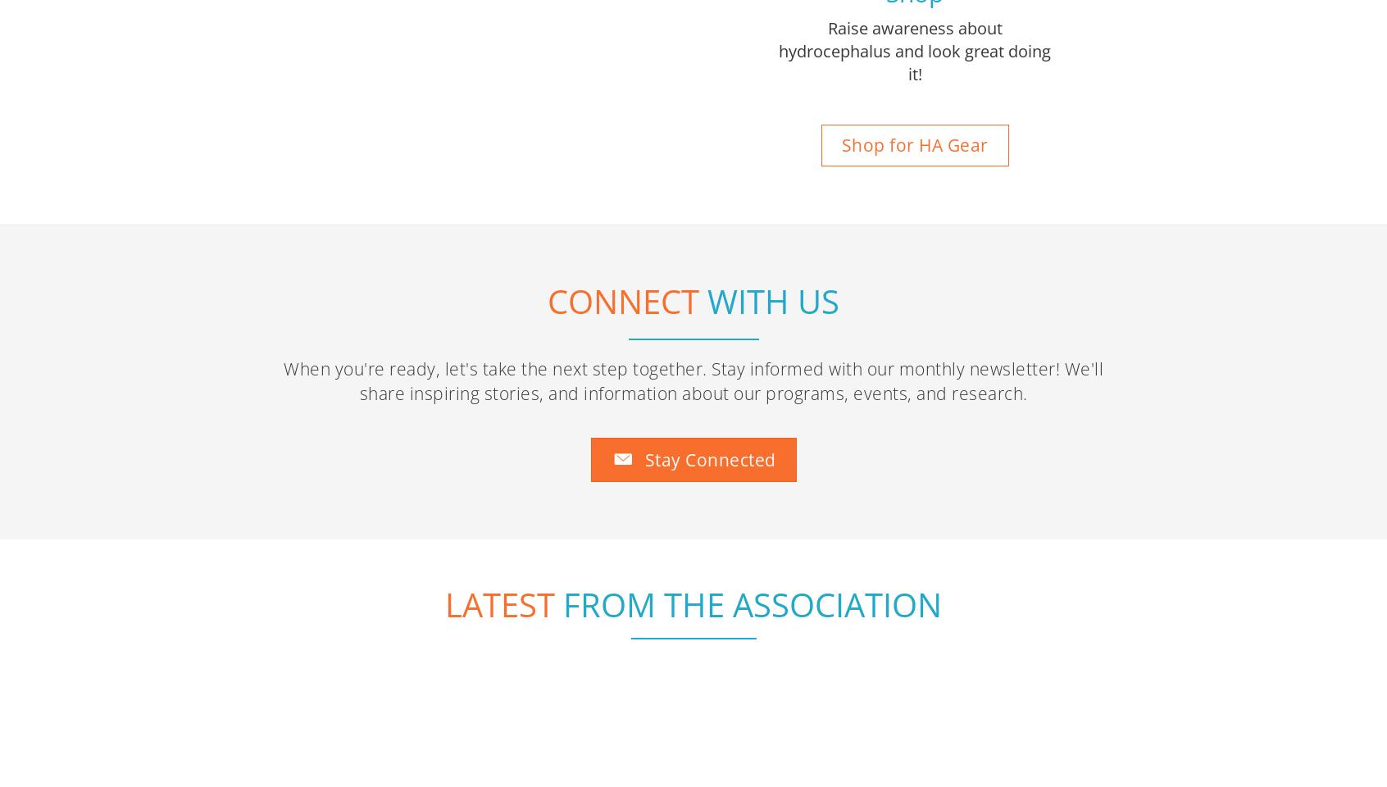 The height and width of the screenshot is (787, 1387). Describe the element at coordinates (496, 689) in the screenshot. I see `'The Hydrocephalus Scoop on Capitol Hill for September 2023'` at that location.